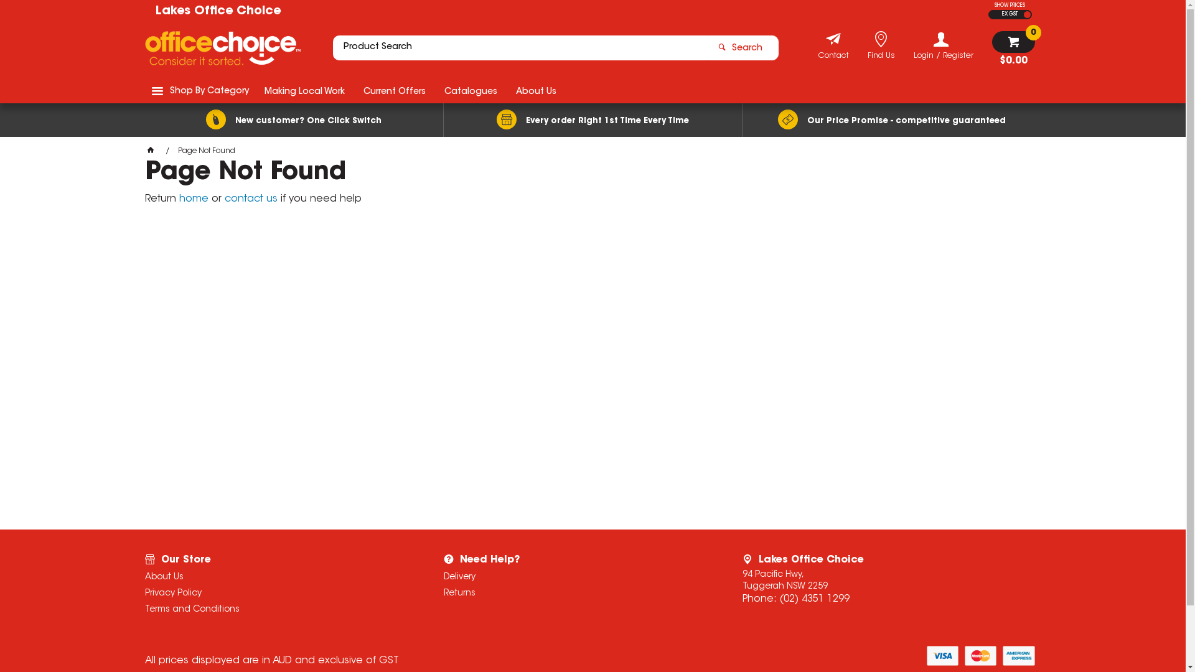  What do you see at coordinates (443, 577) in the screenshot?
I see `'Delivery'` at bounding box center [443, 577].